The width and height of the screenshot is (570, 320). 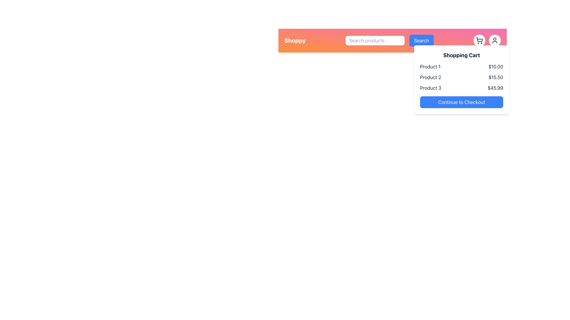 What do you see at coordinates (421, 40) in the screenshot?
I see `the search button located to the right of the text input field with placeholder text 'Search products...' to initiate a search operation` at bounding box center [421, 40].